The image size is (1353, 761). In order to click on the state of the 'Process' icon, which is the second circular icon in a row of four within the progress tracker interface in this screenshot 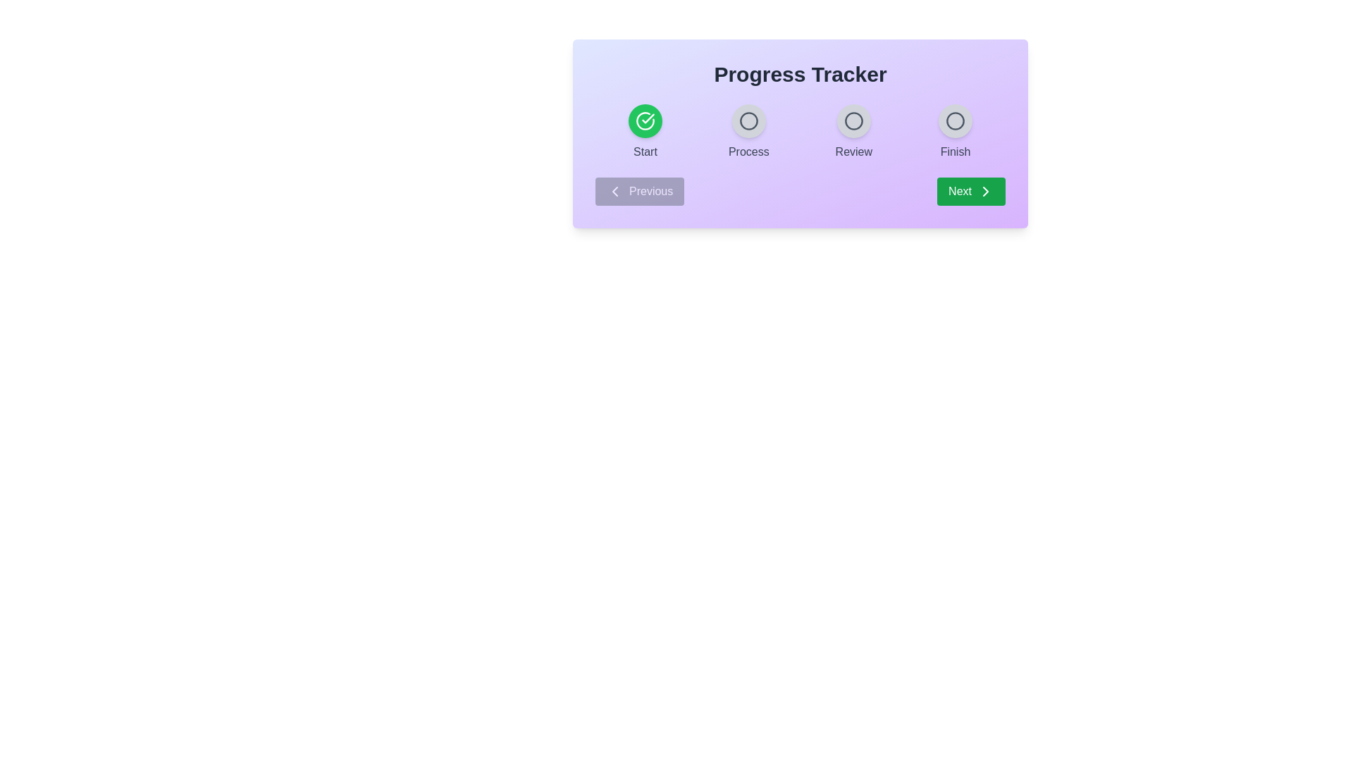, I will do `click(748, 120)`.